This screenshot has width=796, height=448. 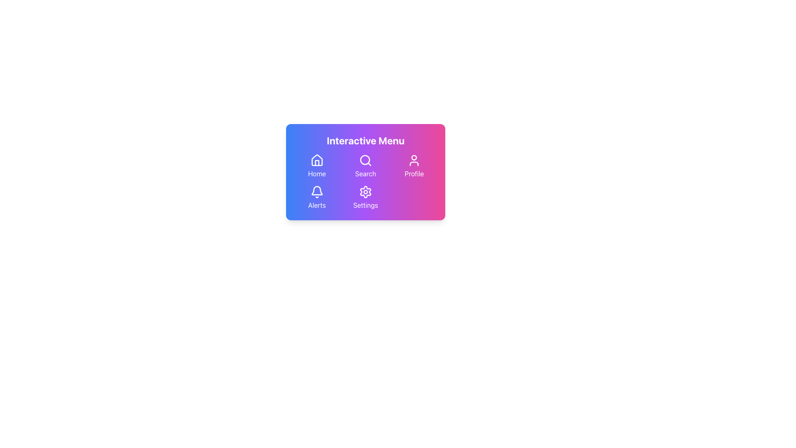 I want to click on the top-left button in the grid layout, so click(x=316, y=166).